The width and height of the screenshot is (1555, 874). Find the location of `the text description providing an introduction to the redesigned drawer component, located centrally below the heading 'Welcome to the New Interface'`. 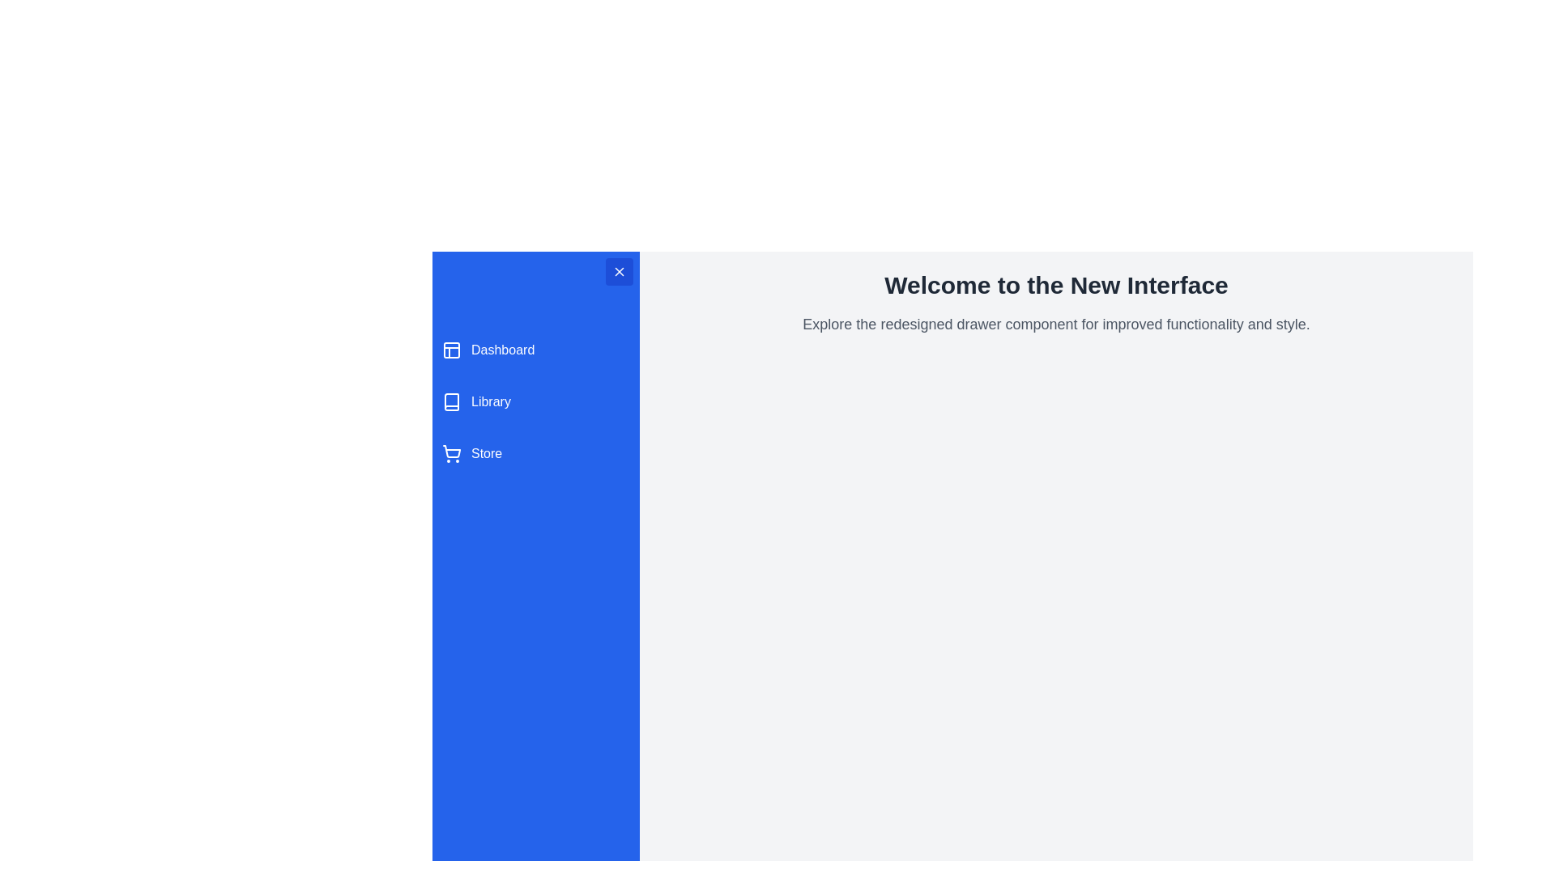

the text description providing an introduction to the redesigned drawer component, located centrally below the heading 'Welcome to the New Interface' is located at coordinates (1056, 325).